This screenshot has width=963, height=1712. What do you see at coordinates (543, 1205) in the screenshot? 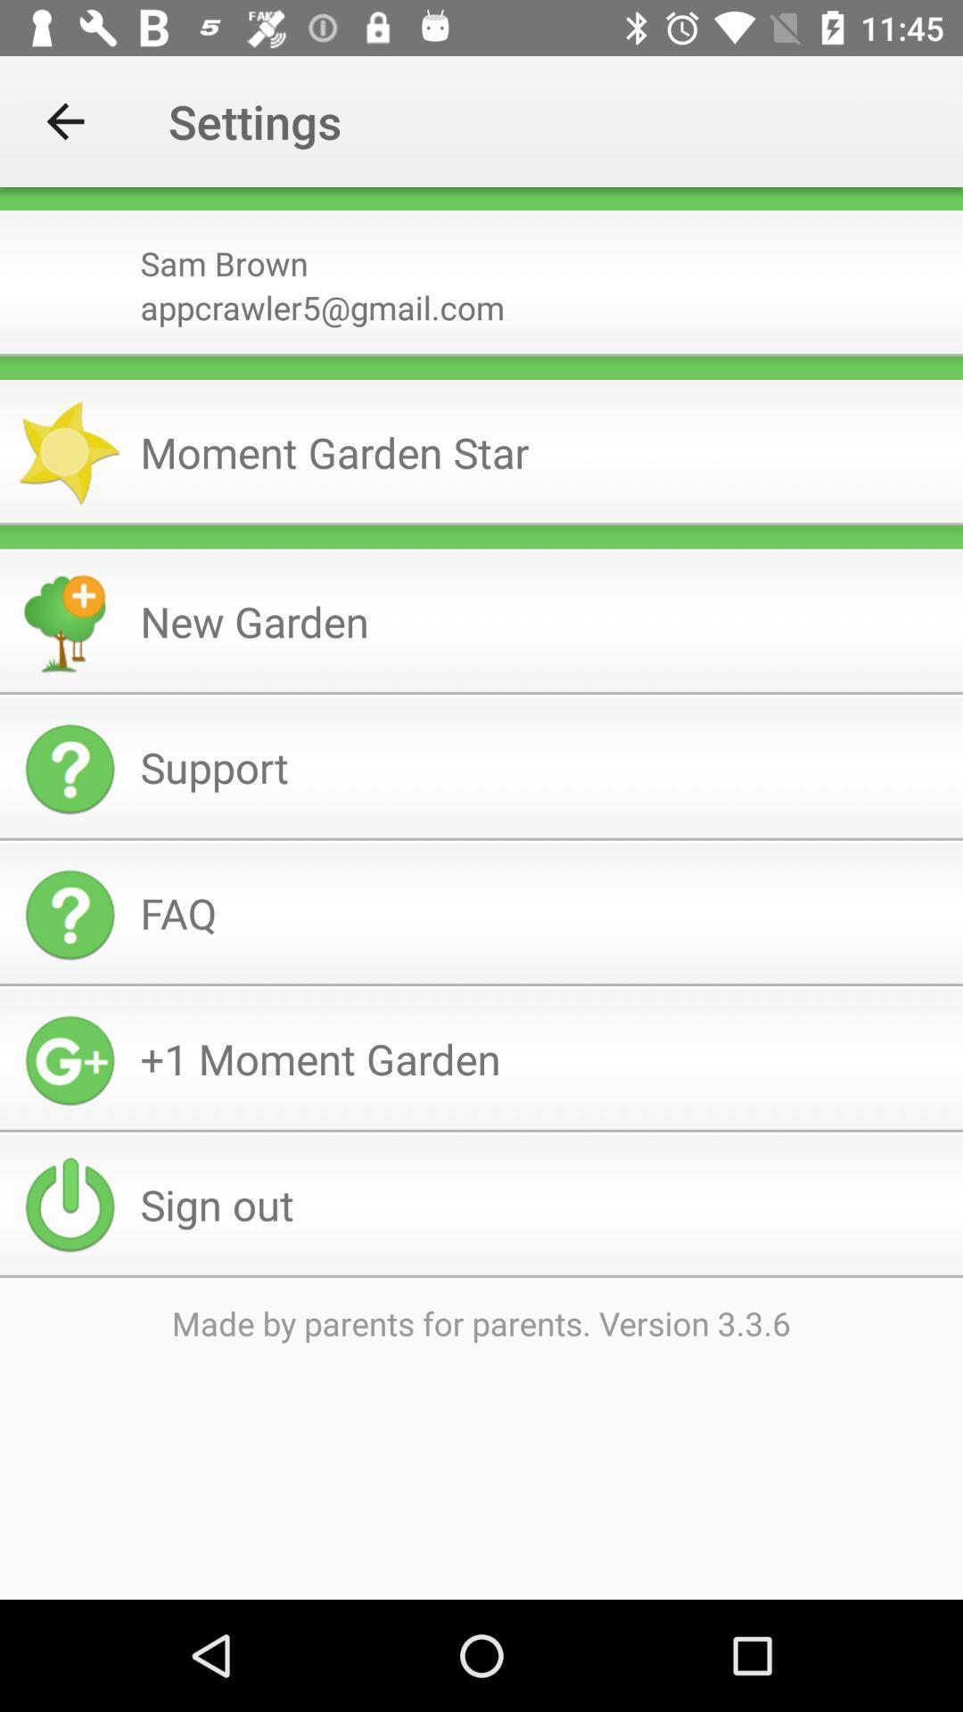
I see `sign out icon` at bounding box center [543, 1205].